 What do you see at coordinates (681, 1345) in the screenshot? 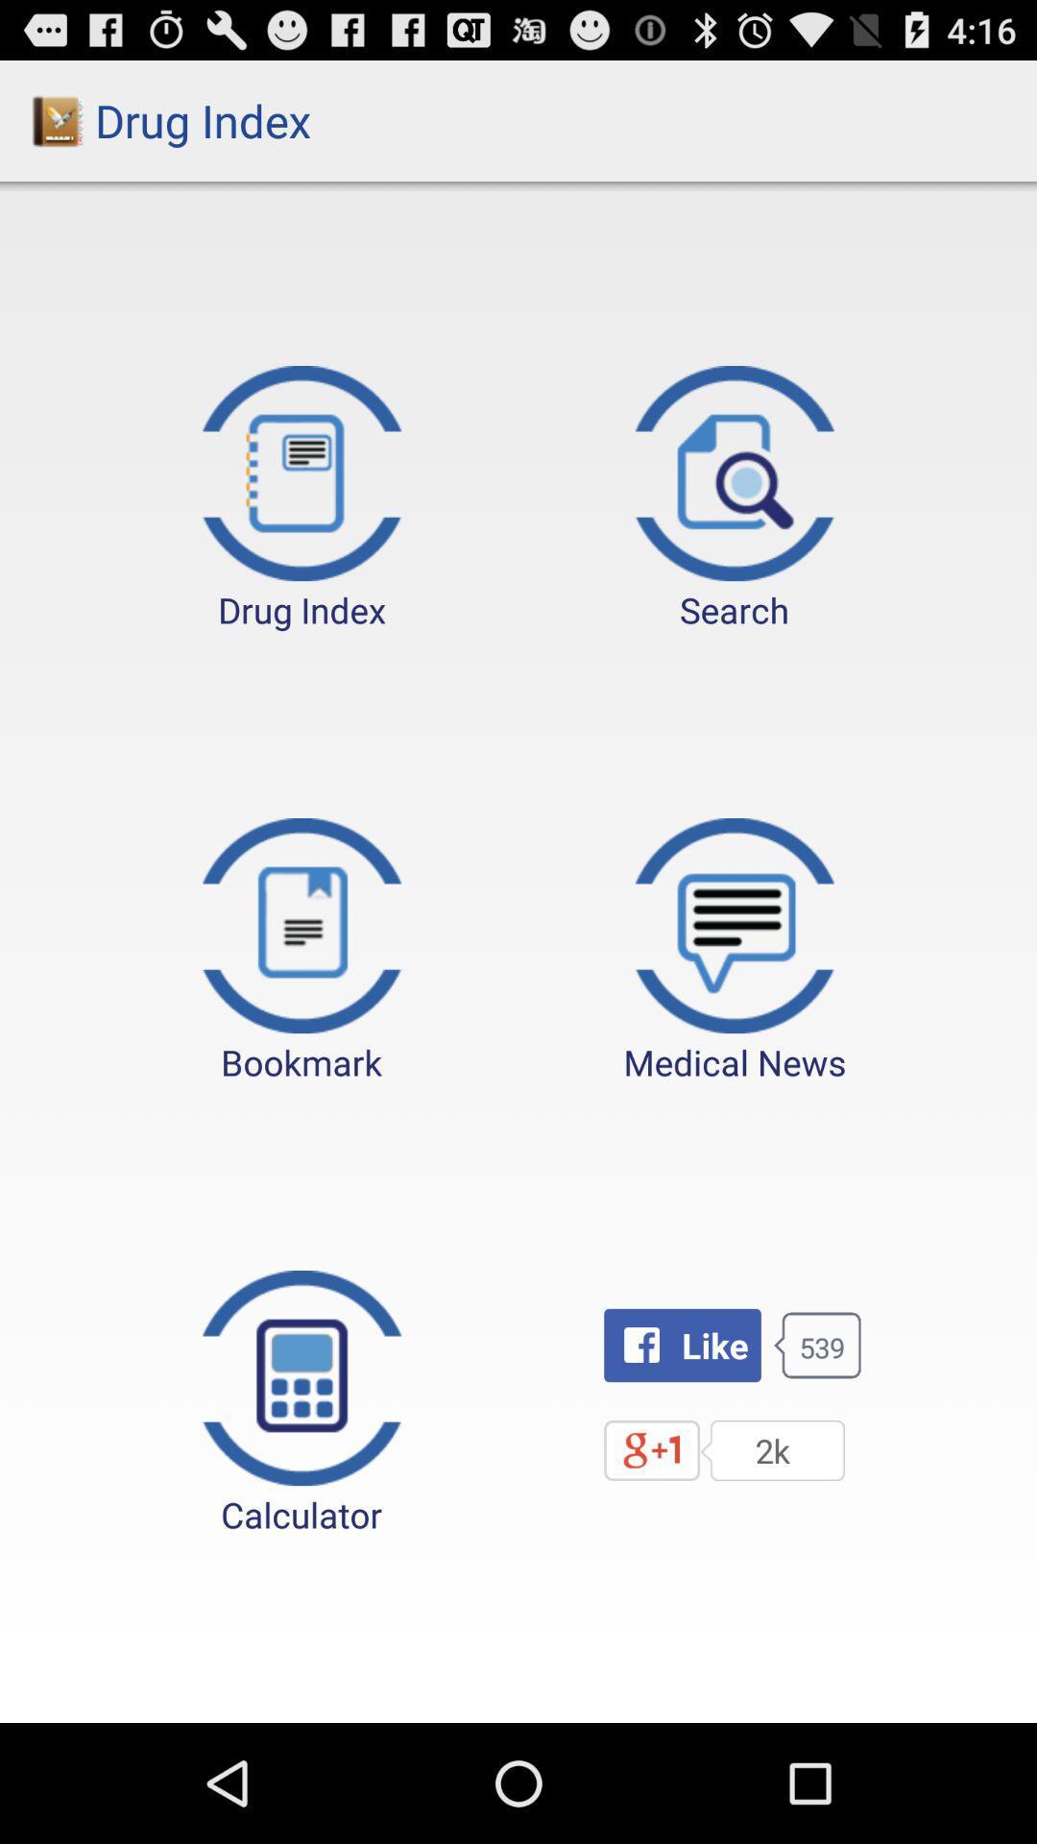
I see `the like item` at bounding box center [681, 1345].